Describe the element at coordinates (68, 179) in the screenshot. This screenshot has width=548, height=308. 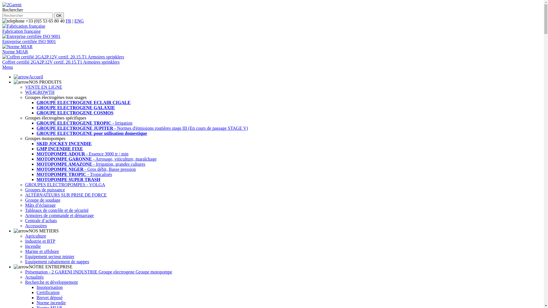
I see `'MOTOPOMPE SUPER TRASH'` at that location.